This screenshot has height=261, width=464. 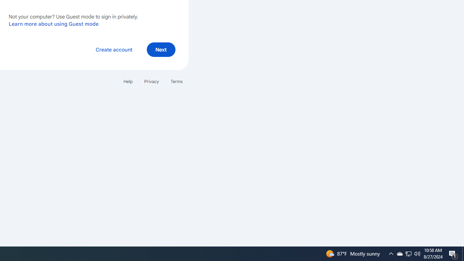 I want to click on 'Create account', so click(x=113, y=49).